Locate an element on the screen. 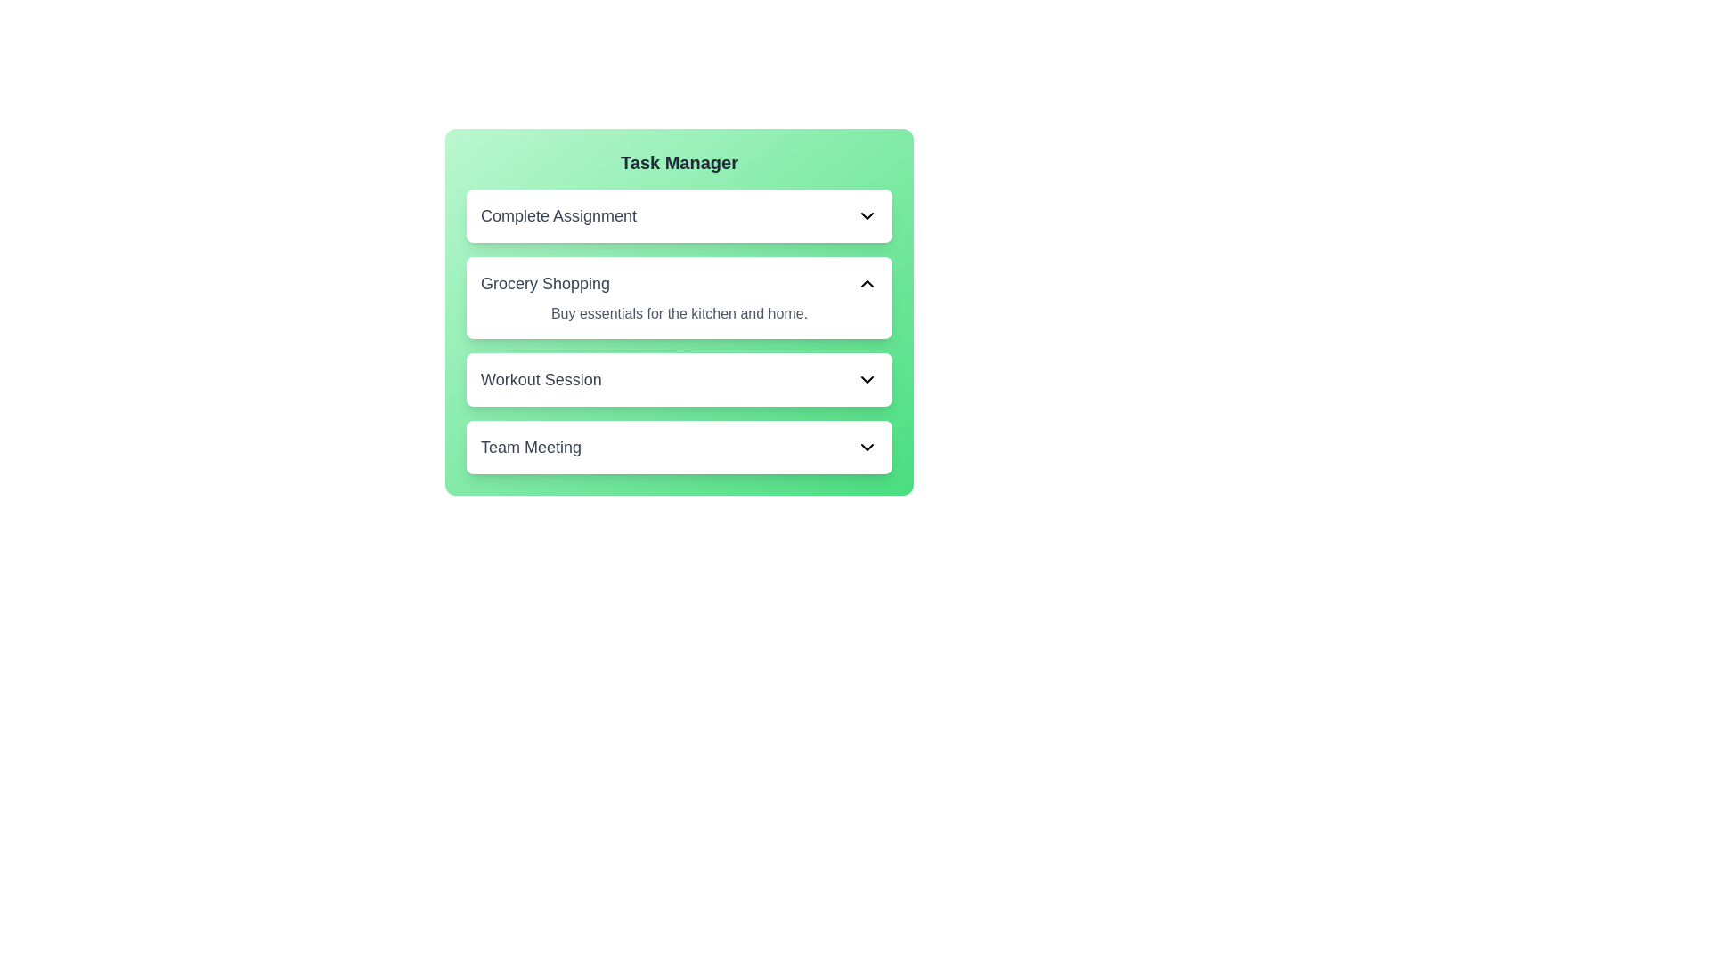 This screenshot has height=961, width=1710. the task card with title Complete Assignment is located at coordinates (679, 215).